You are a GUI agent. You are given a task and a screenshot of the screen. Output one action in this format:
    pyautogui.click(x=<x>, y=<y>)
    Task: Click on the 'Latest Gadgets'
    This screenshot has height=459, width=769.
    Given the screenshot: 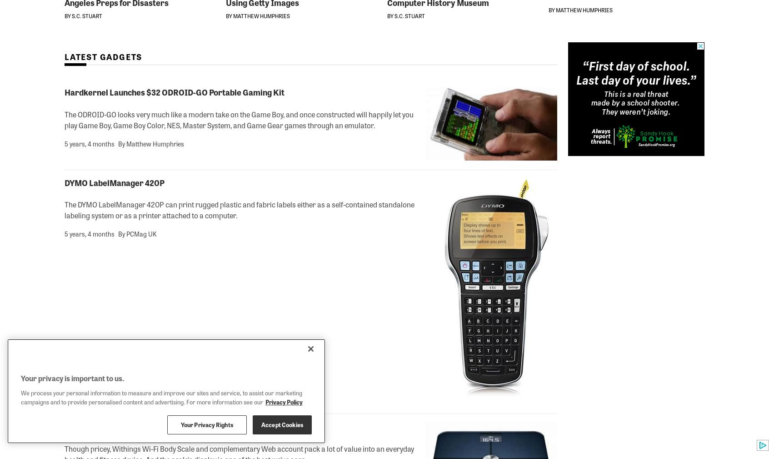 What is the action you would take?
    pyautogui.click(x=64, y=56)
    